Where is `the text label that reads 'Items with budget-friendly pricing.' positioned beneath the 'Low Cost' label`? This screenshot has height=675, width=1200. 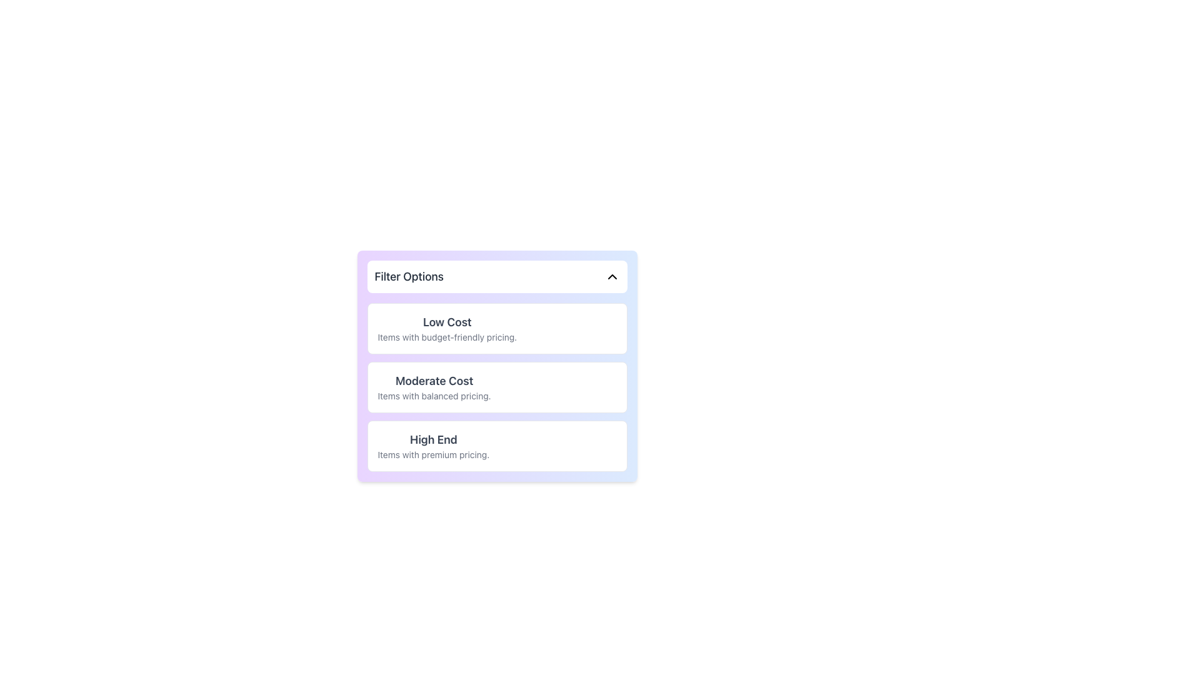 the text label that reads 'Items with budget-friendly pricing.' positioned beneath the 'Low Cost' label is located at coordinates (447, 337).